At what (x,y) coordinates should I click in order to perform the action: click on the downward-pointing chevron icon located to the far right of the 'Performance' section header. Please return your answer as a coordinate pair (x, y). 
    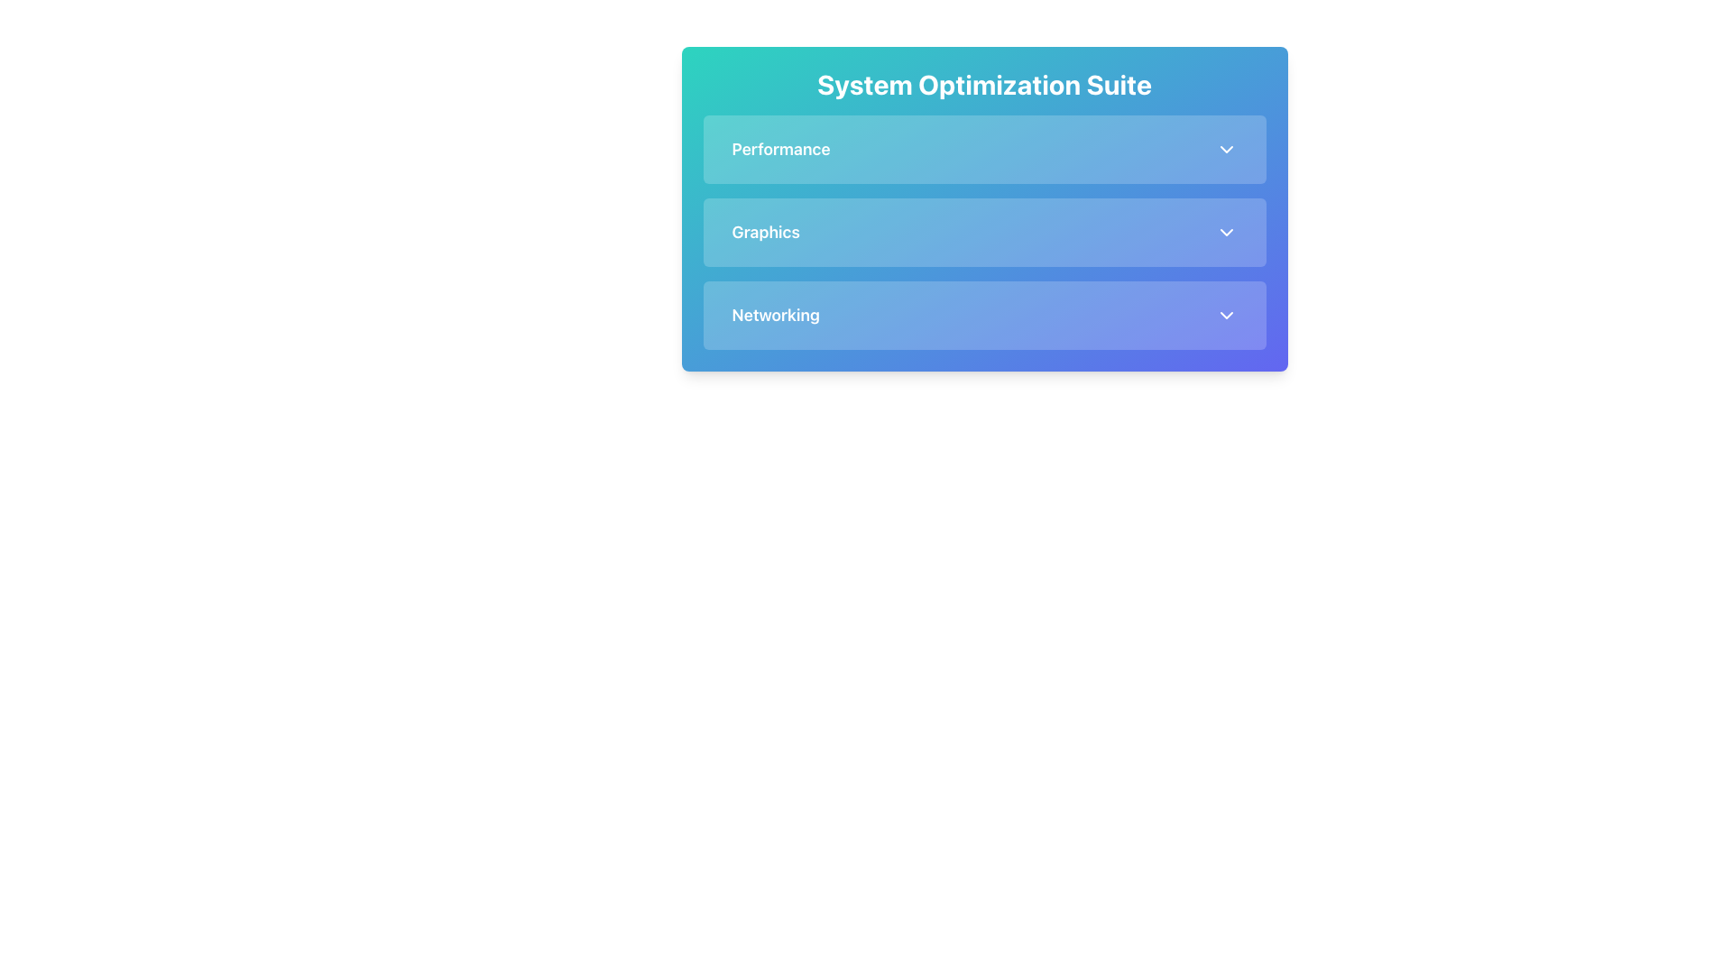
    Looking at the image, I should click on (1226, 148).